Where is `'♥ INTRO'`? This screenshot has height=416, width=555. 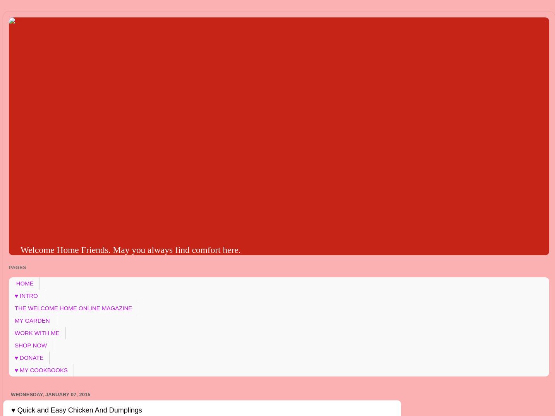
'♥ INTRO' is located at coordinates (14, 295).